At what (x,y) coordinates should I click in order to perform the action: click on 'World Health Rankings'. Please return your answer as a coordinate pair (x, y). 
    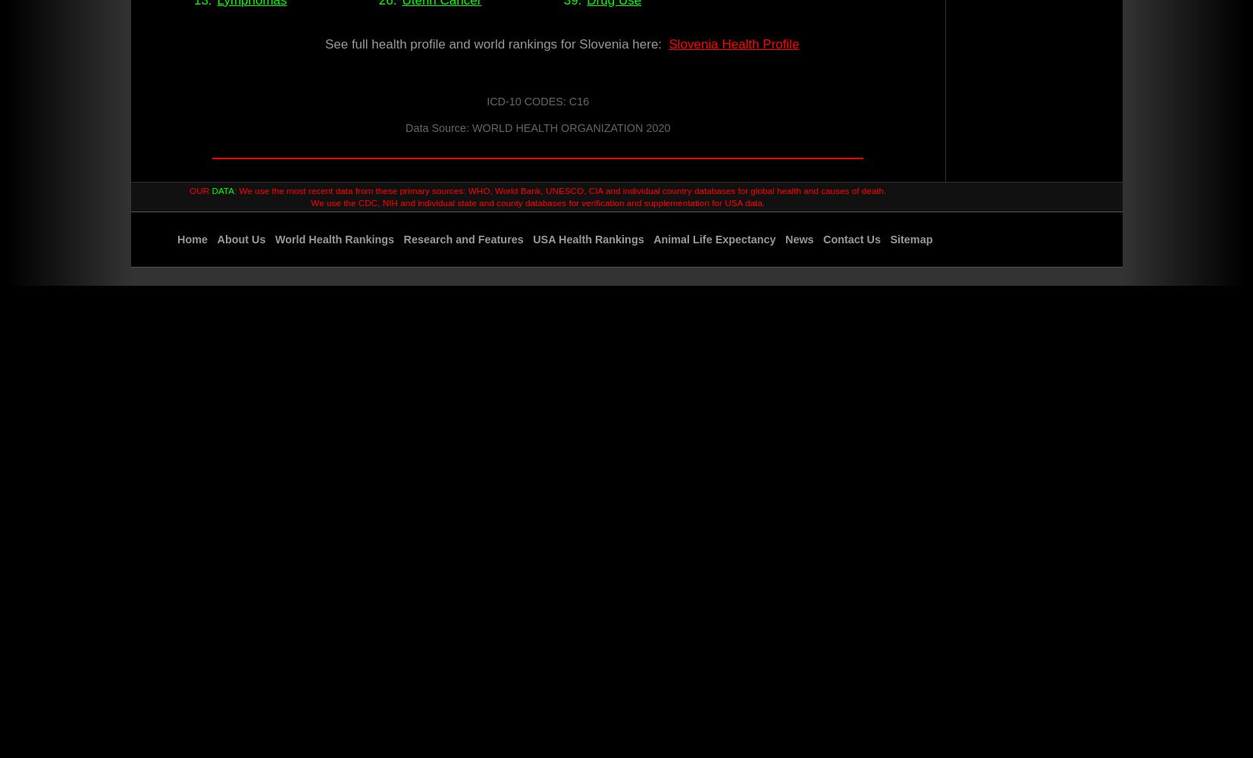
    Looking at the image, I should click on (274, 238).